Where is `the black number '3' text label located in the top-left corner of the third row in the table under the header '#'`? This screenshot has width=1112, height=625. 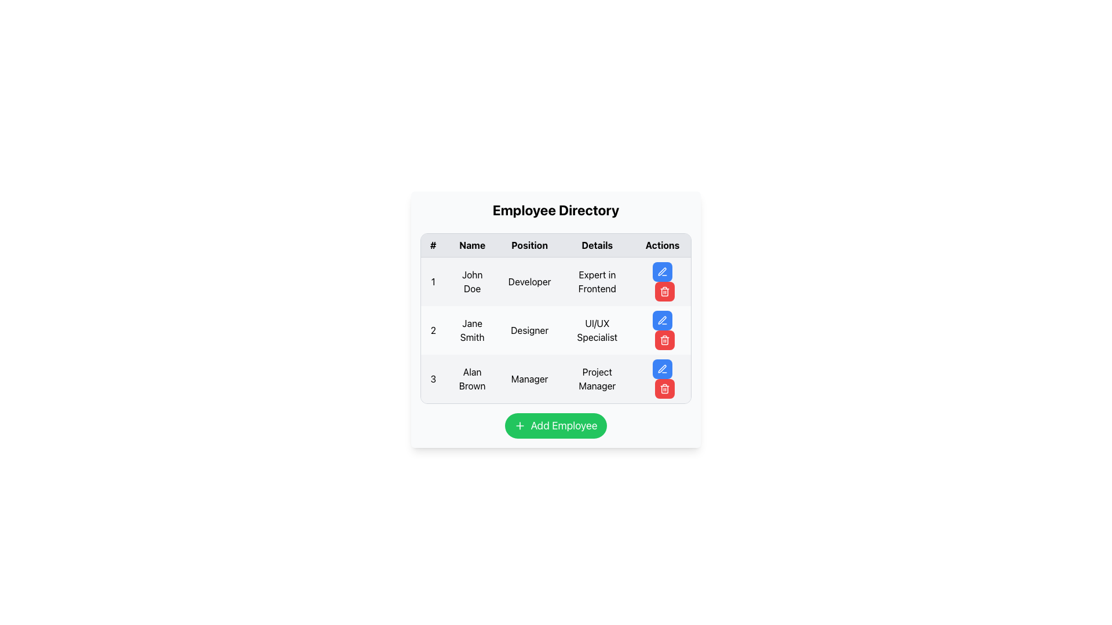
the black number '3' text label located in the top-left corner of the third row in the table under the header '#' is located at coordinates (433, 379).